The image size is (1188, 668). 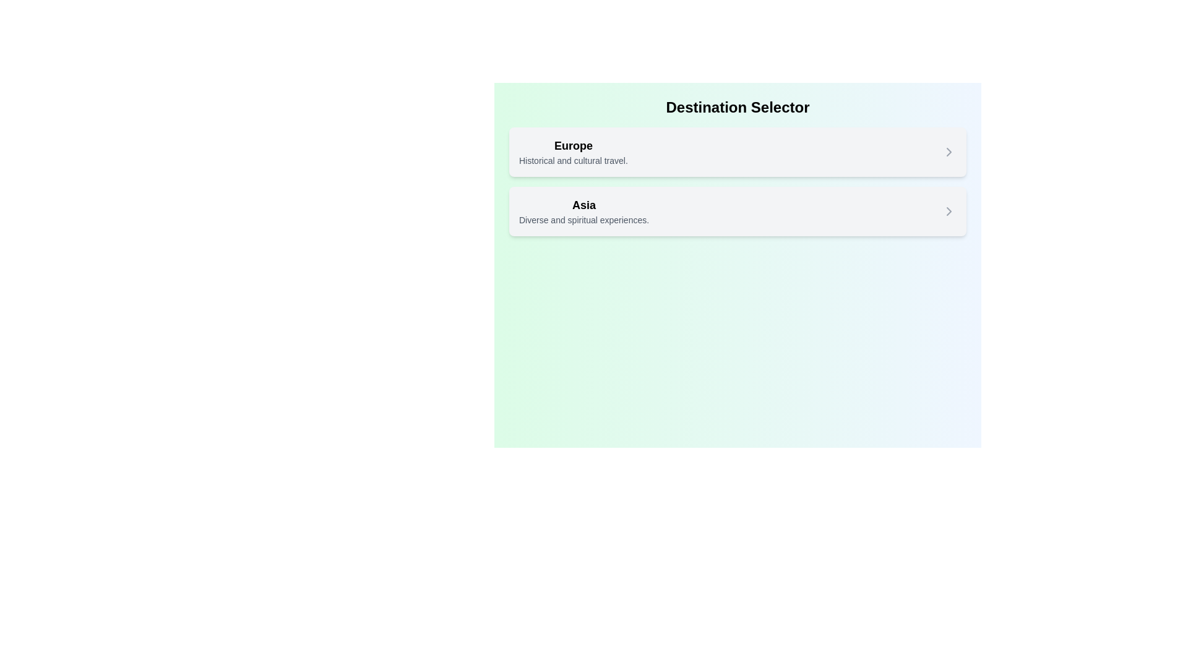 What do you see at coordinates (949, 152) in the screenshot?
I see `the chevron icon located at the right end of the 'Europe Historical and cultural travel' card, which indicates that the card is interactive and allows navigation to a related page` at bounding box center [949, 152].